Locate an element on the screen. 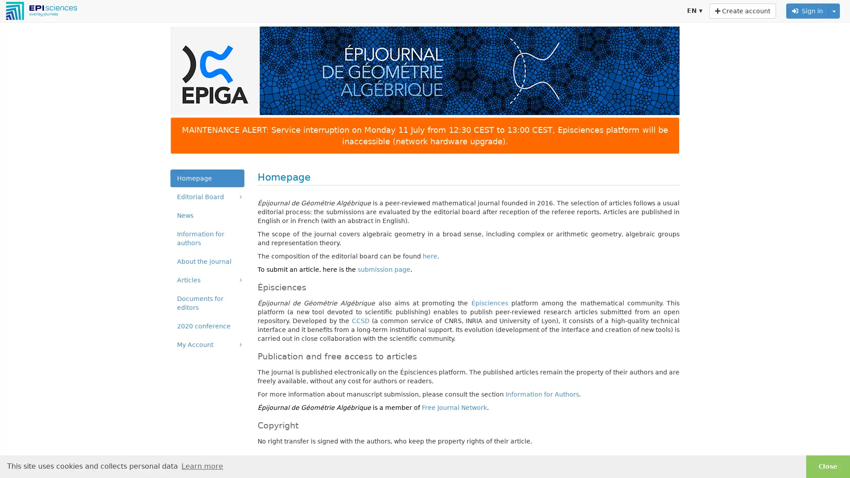  learn more about cookies is located at coordinates (201, 466).